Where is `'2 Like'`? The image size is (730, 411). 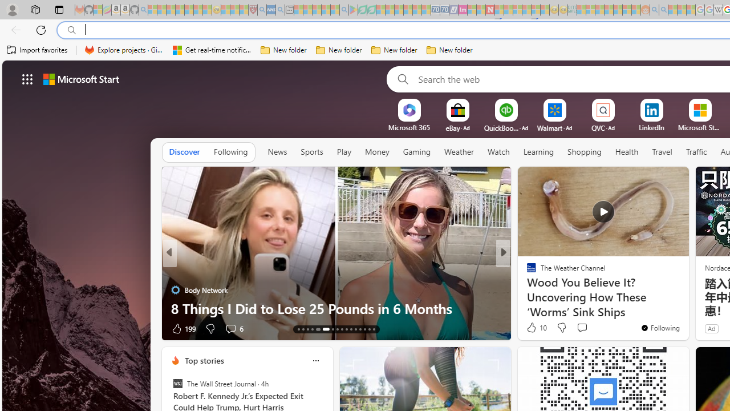
'2 Like' is located at coordinates (530, 328).